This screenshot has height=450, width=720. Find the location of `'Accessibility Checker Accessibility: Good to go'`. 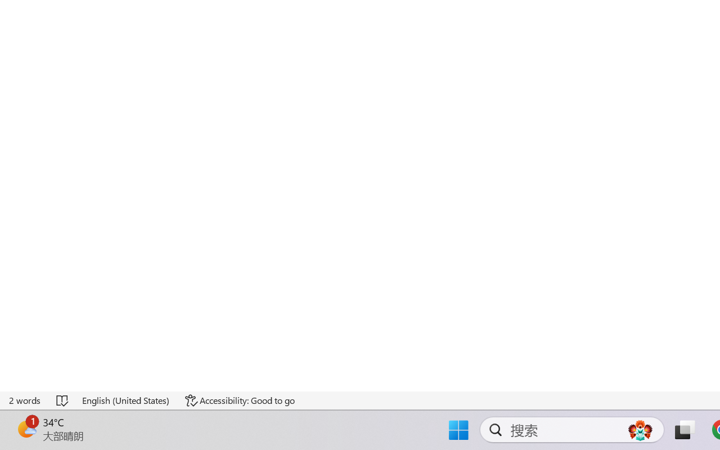

'Accessibility Checker Accessibility: Good to go' is located at coordinates (239, 400).